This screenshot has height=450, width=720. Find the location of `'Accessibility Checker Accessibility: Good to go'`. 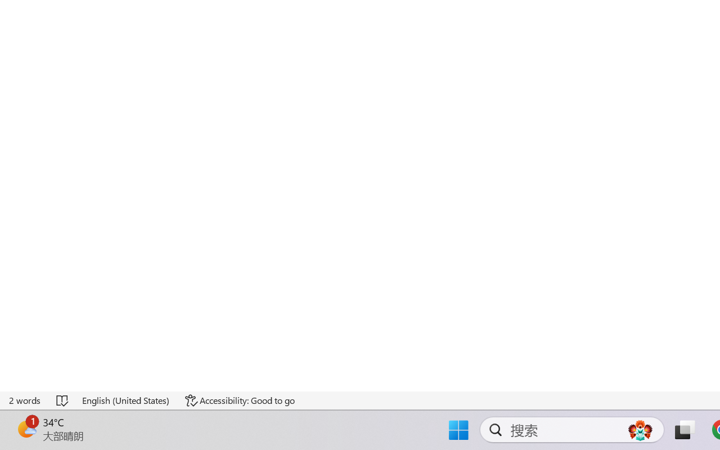

'Accessibility Checker Accessibility: Good to go' is located at coordinates (239, 400).